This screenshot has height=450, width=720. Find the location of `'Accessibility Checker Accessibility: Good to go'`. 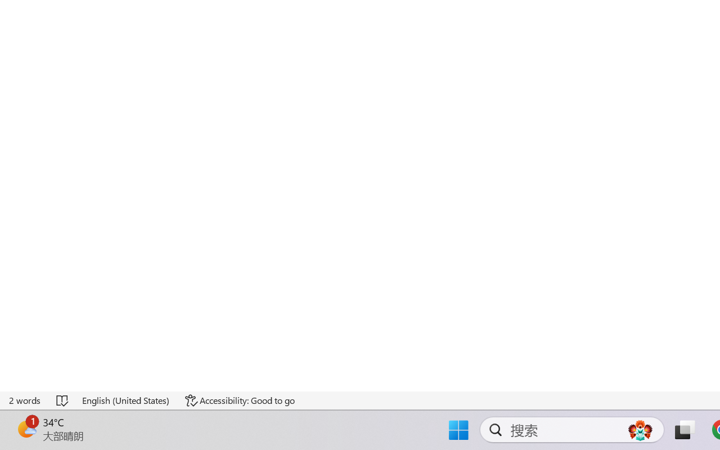

'Accessibility Checker Accessibility: Good to go' is located at coordinates (239, 400).